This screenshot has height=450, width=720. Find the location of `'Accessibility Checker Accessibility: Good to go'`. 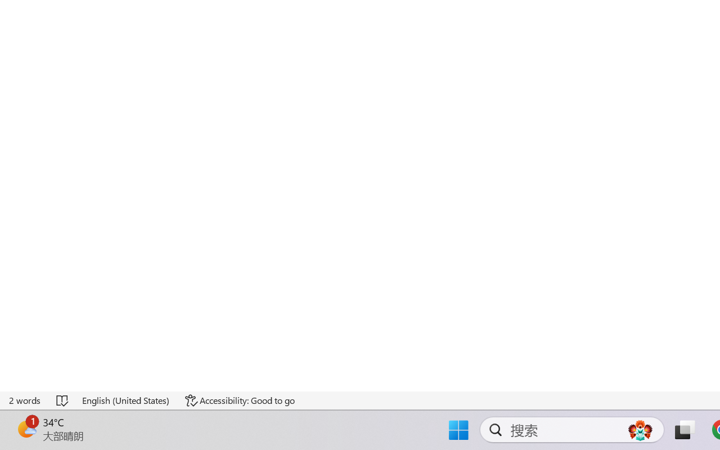

'Accessibility Checker Accessibility: Good to go' is located at coordinates (239, 400).